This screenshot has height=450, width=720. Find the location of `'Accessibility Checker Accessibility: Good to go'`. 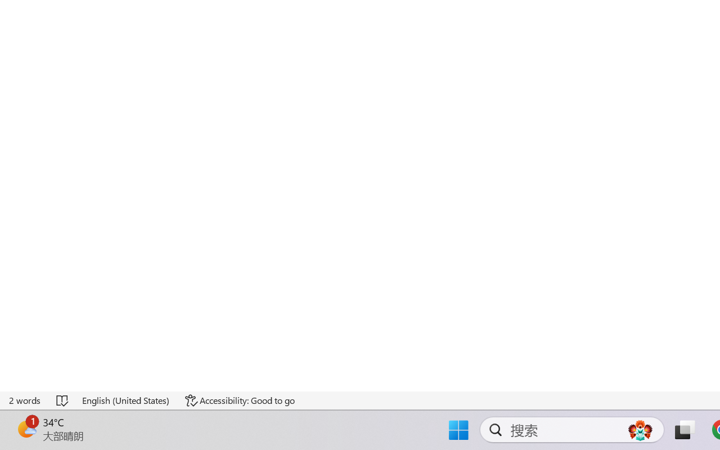

'Accessibility Checker Accessibility: Good to go' is located at coordinates (239, 400).